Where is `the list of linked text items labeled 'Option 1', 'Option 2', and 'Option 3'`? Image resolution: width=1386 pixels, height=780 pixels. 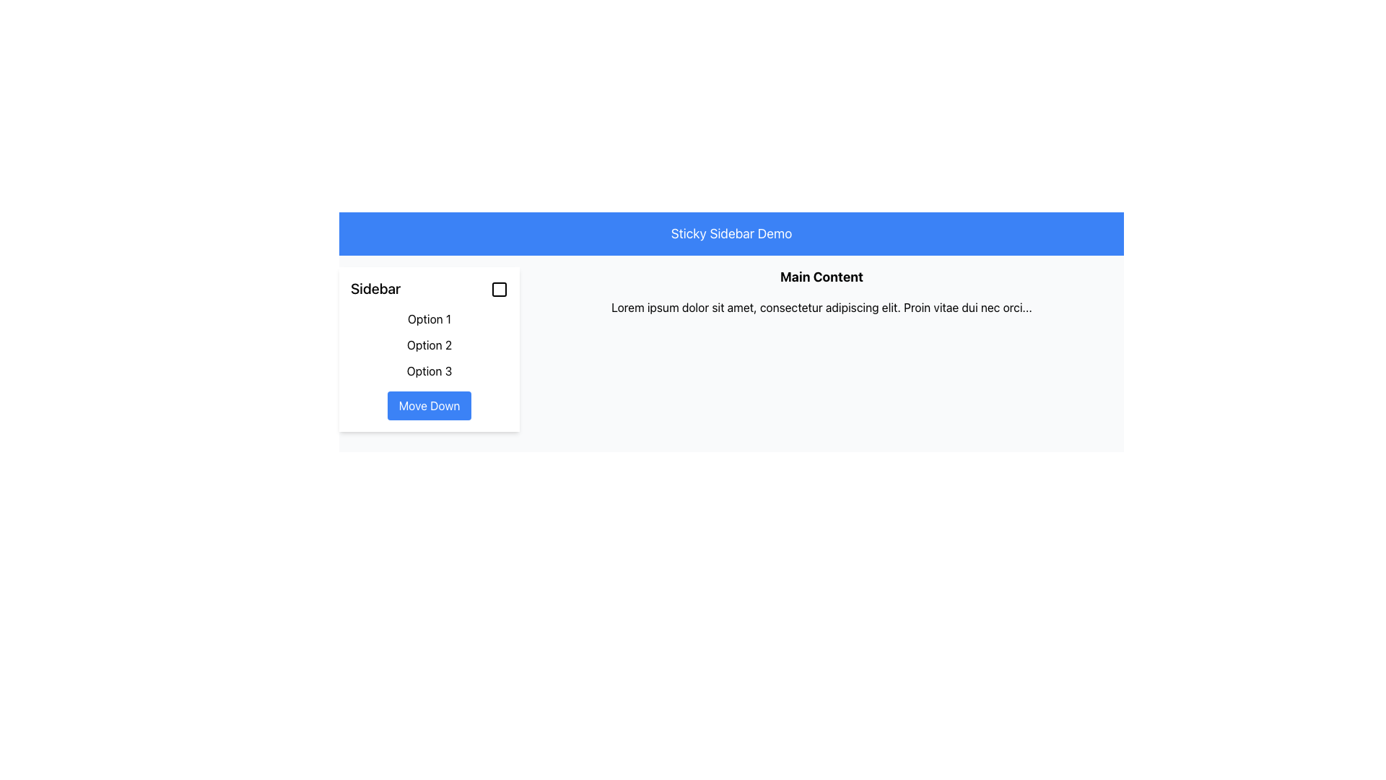
the list of linked text items labeled 'Option 1', 'Option 2', and 'Option 3' is located at coordinates (429, 345).